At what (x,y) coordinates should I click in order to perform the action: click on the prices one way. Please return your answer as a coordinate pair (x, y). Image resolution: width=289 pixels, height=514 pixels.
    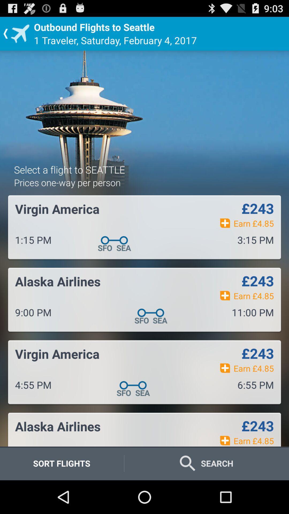
    Looking at the image, I should click on (67, 182).